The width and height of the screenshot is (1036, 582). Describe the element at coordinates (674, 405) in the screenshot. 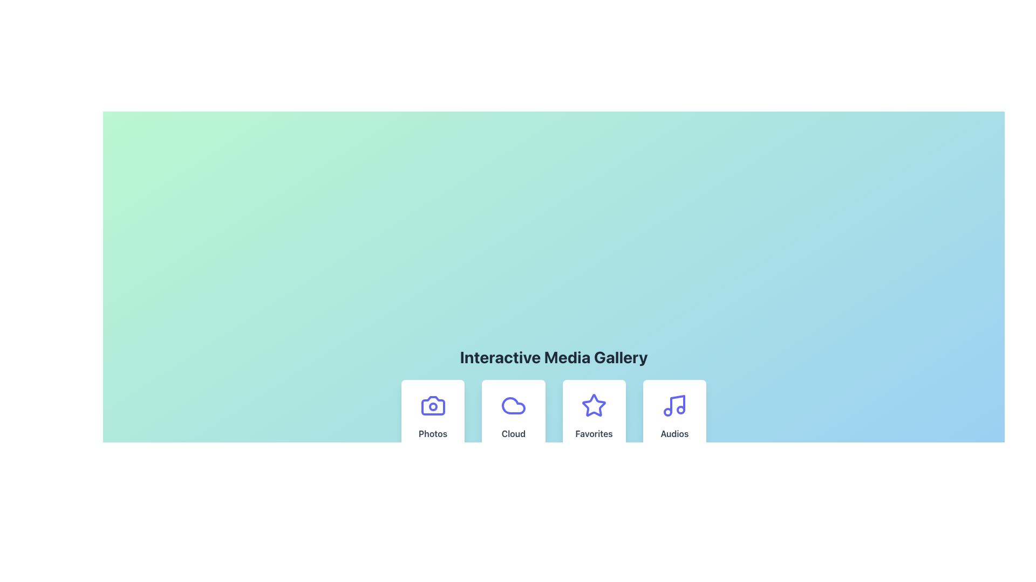

I see `the music note icon located at the top center of the Audios card, which is the fourth card in the row of interactive options in the Interactive Media Gallery` at that location.